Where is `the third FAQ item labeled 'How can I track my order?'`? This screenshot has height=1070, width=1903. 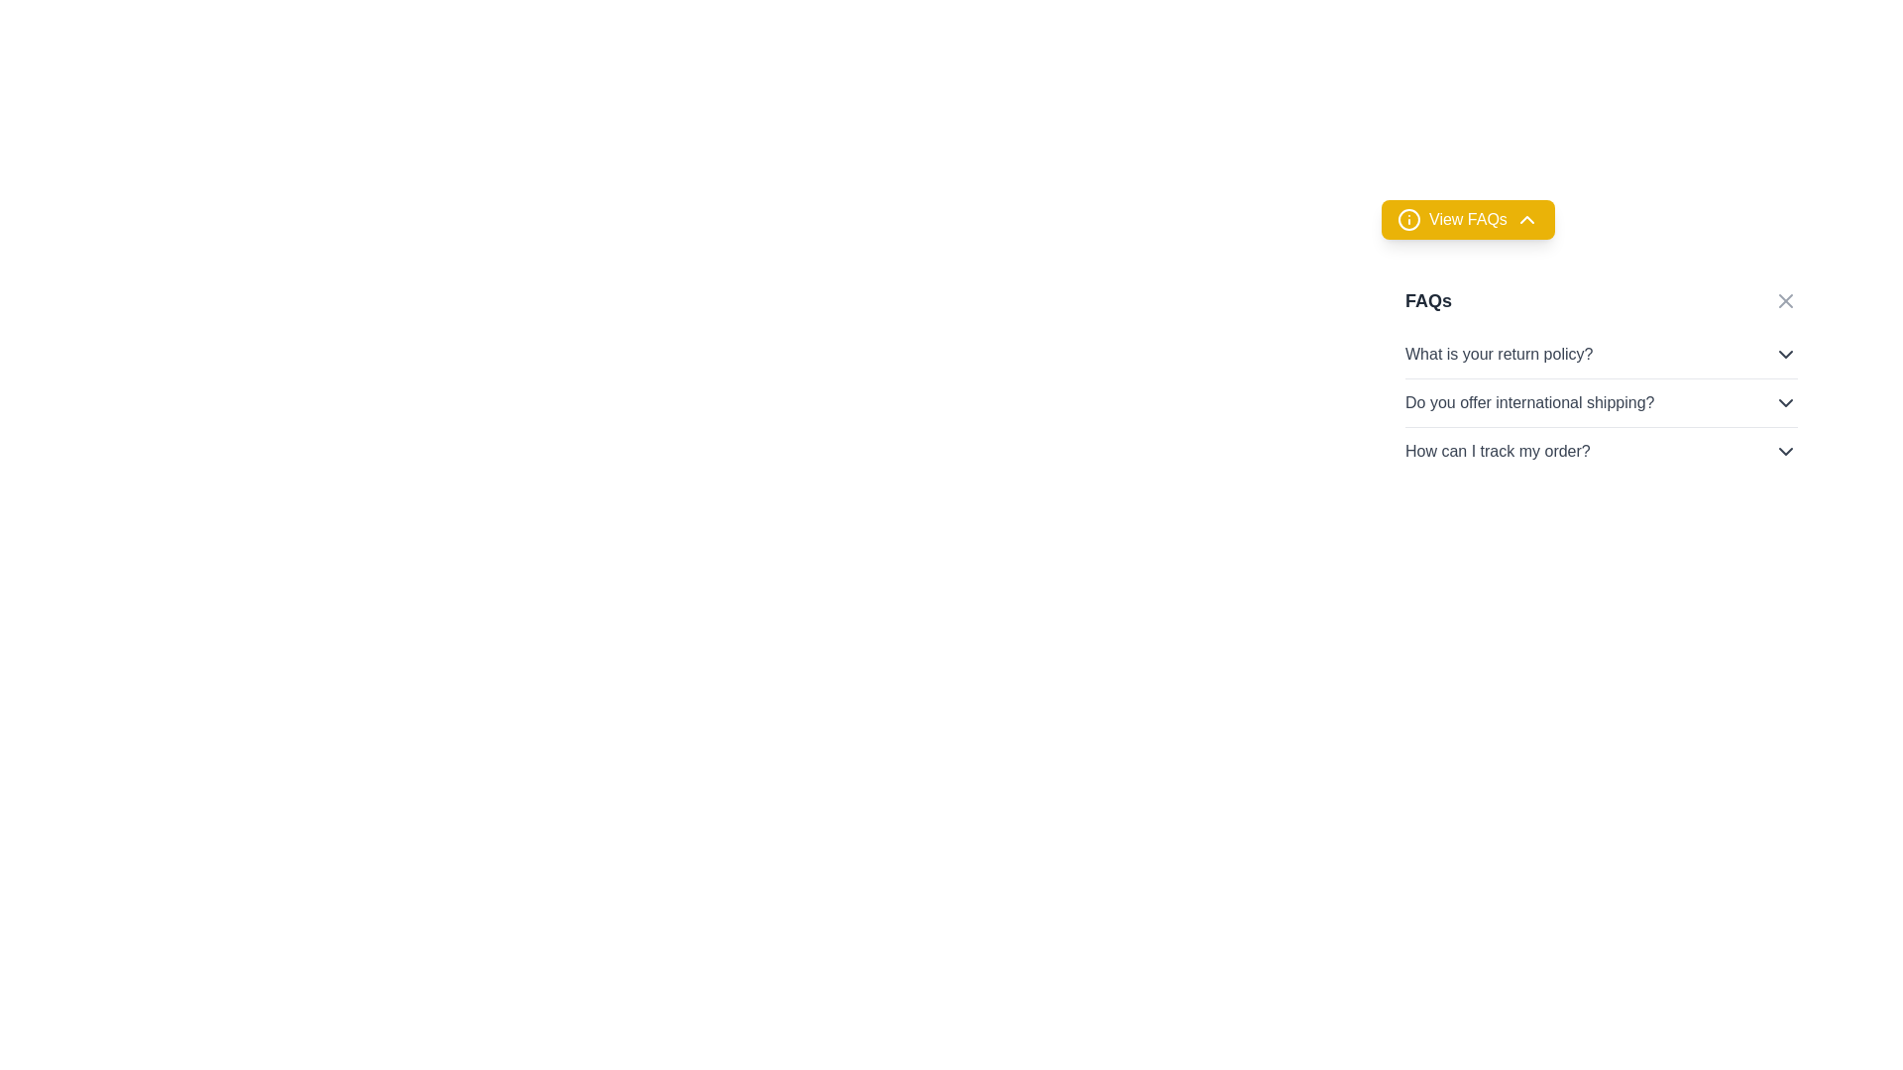 the third FAQ item labeled 'How can I track my order?' is located at coordinates (1602, 451).